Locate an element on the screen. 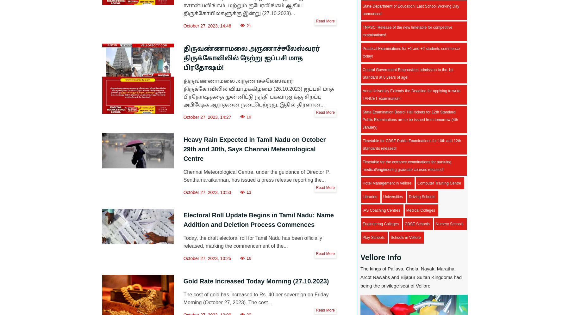 The height and width of the screenshot is (315, 581). 'Heavy Rain Expected in Tamil Nadu on October 29th and 30th, Says Chennai Meteorological Centre' is located at coordinates (254, 149).